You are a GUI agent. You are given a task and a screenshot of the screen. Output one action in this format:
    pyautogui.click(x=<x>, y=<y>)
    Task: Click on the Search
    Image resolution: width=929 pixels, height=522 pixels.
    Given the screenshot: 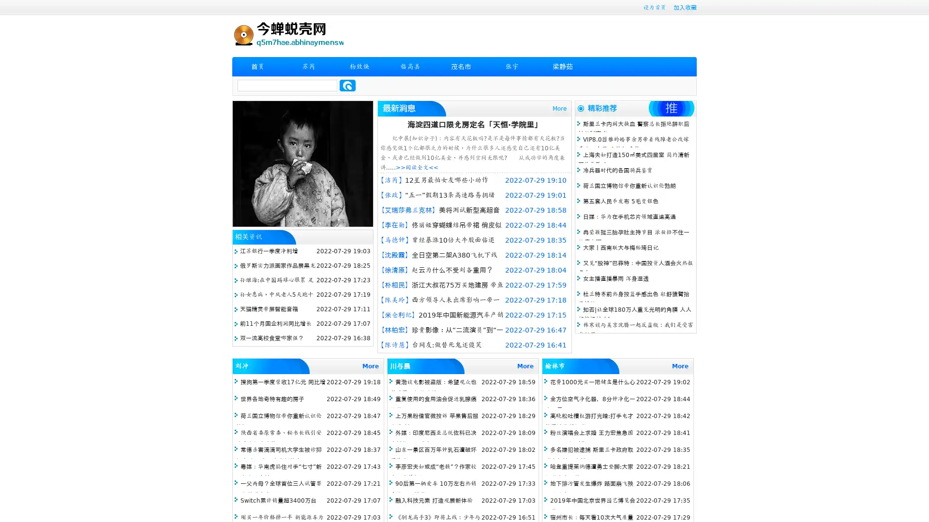 What is the action you would take?
    pyautogui.click(x=347, y=85)
    